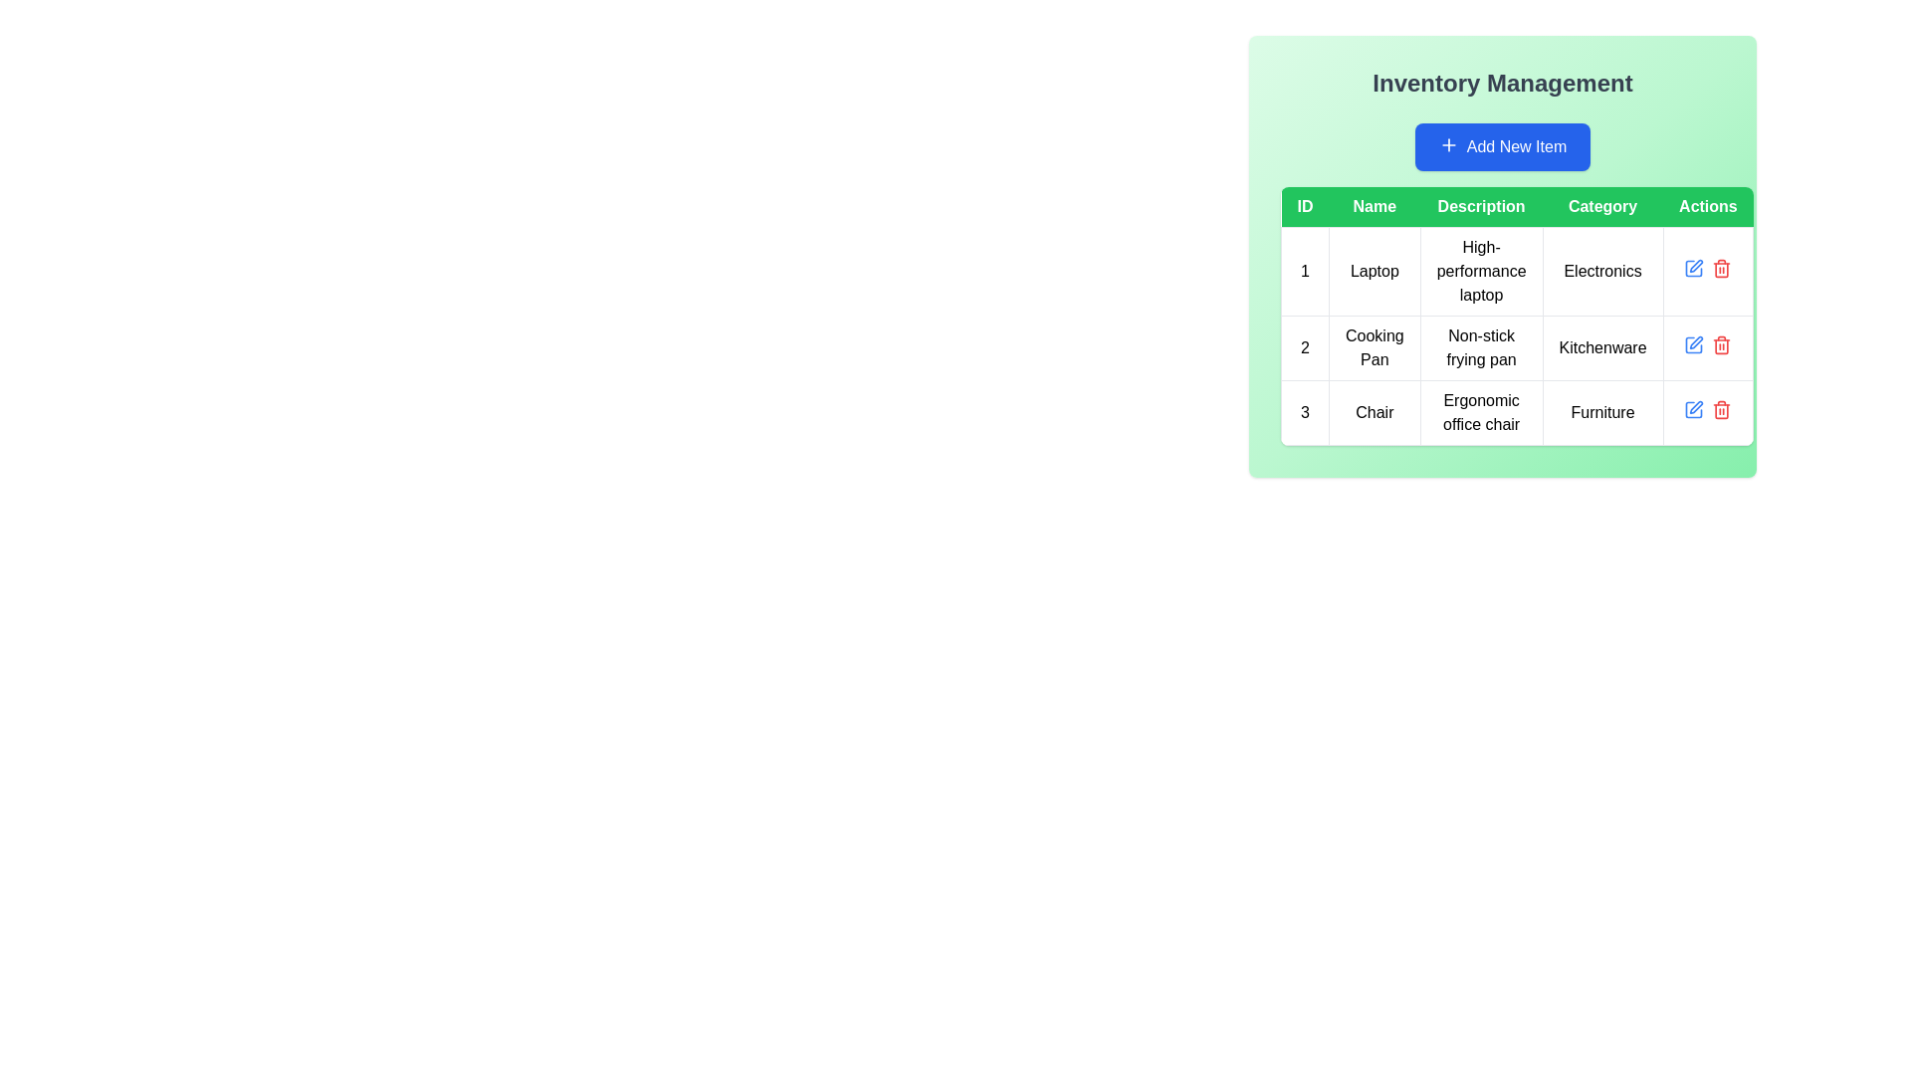  What do you see at coordinates (1695, 264) in the screenshot?
I see `the IconButton in the 'Actions' column of the table to initiate editing the row corresponding to the 'Chair' entry` at bounding box center [1695, 264].